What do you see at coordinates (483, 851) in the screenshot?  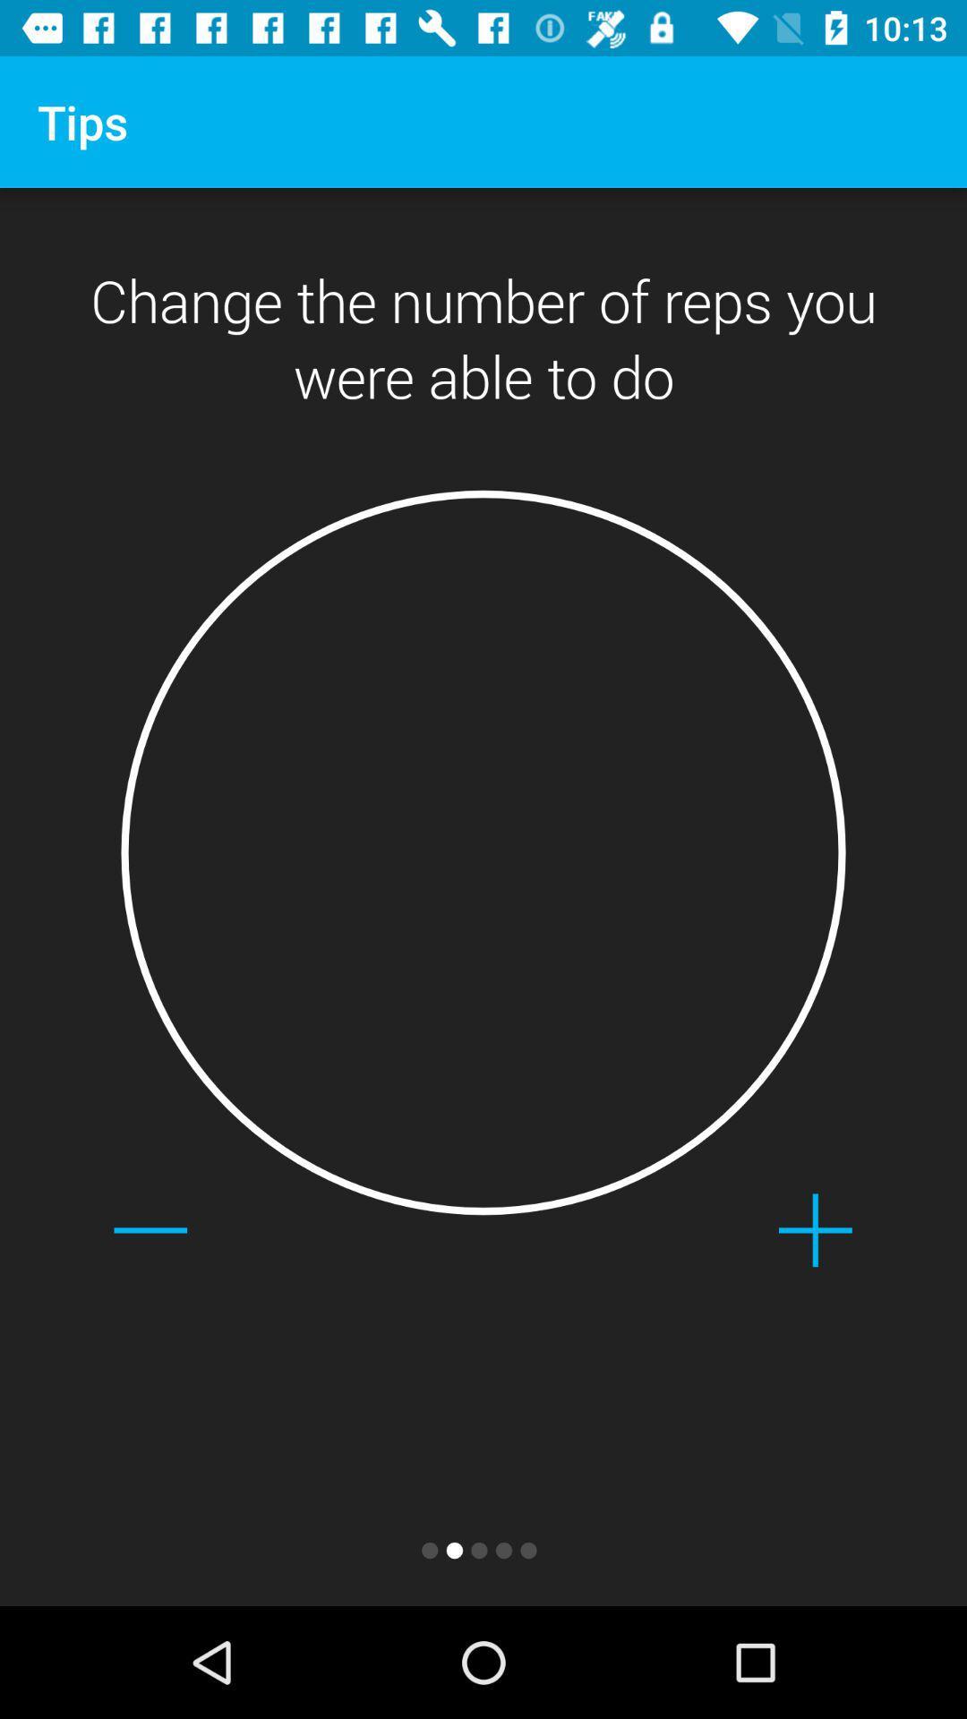 I see `the item below the change the number item` at bounding box center [483, 851].